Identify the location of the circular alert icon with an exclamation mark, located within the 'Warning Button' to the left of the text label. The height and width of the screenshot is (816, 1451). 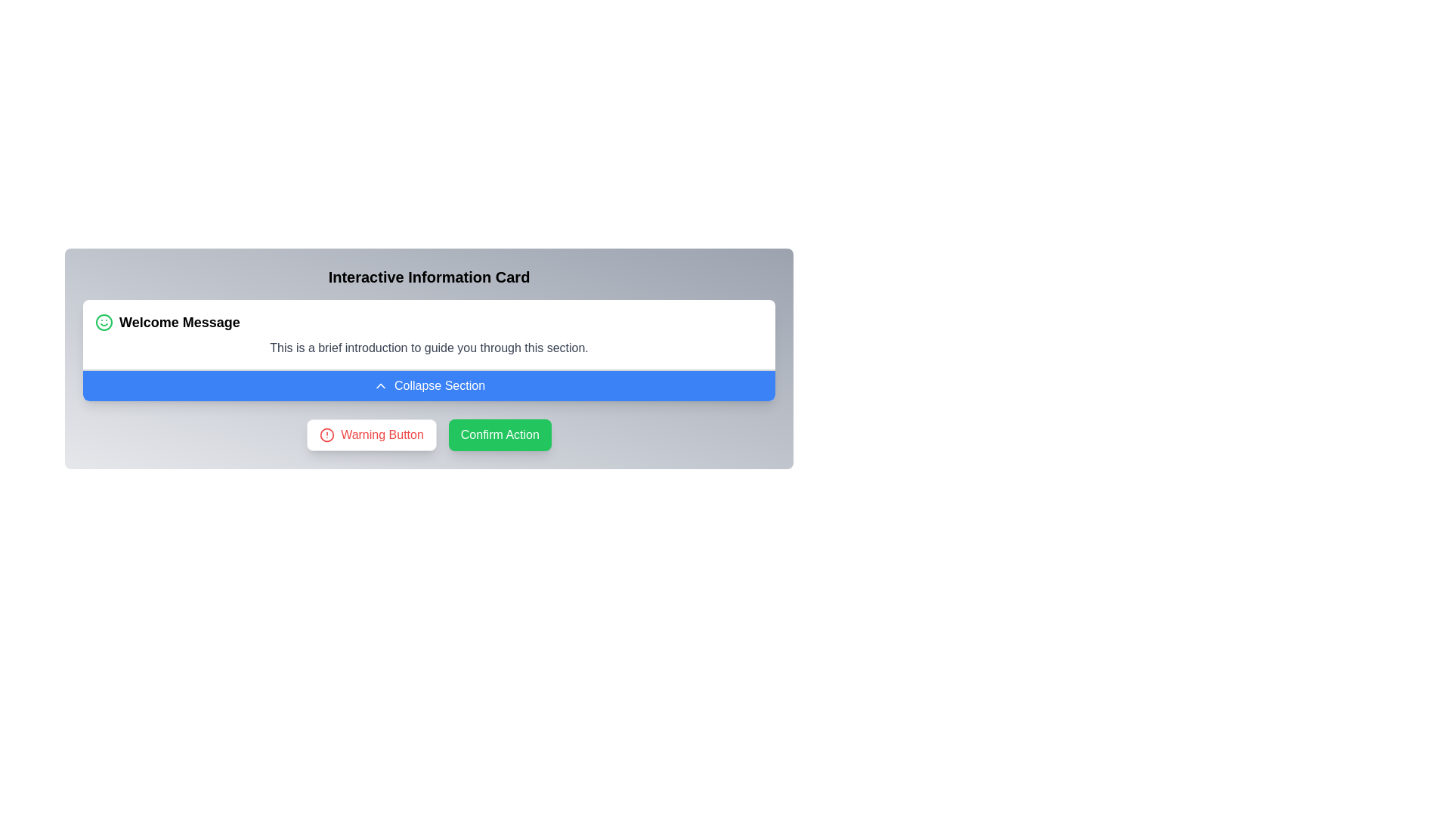
(326, 434).